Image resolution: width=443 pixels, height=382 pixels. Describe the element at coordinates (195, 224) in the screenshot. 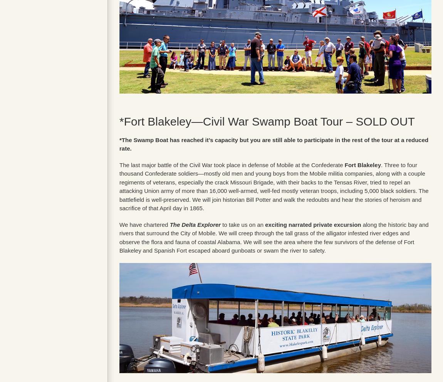

I see `'The Delta Explorer'` at that location.